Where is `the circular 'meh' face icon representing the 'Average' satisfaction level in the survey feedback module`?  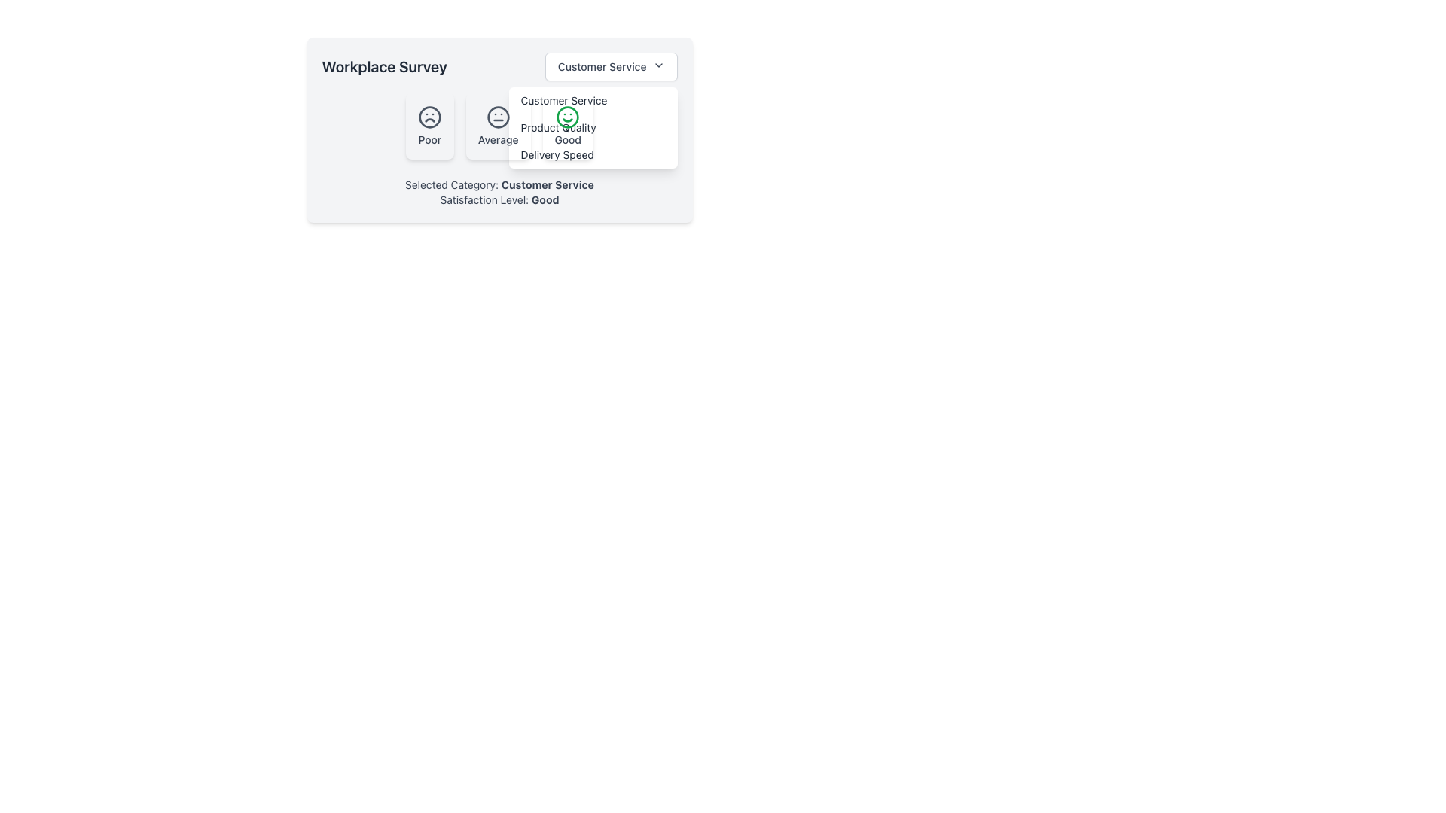
the circular 'meh' face icon representing the 'Average' satisfaction level in the survey feedback module is located at coordinates (498, 116).